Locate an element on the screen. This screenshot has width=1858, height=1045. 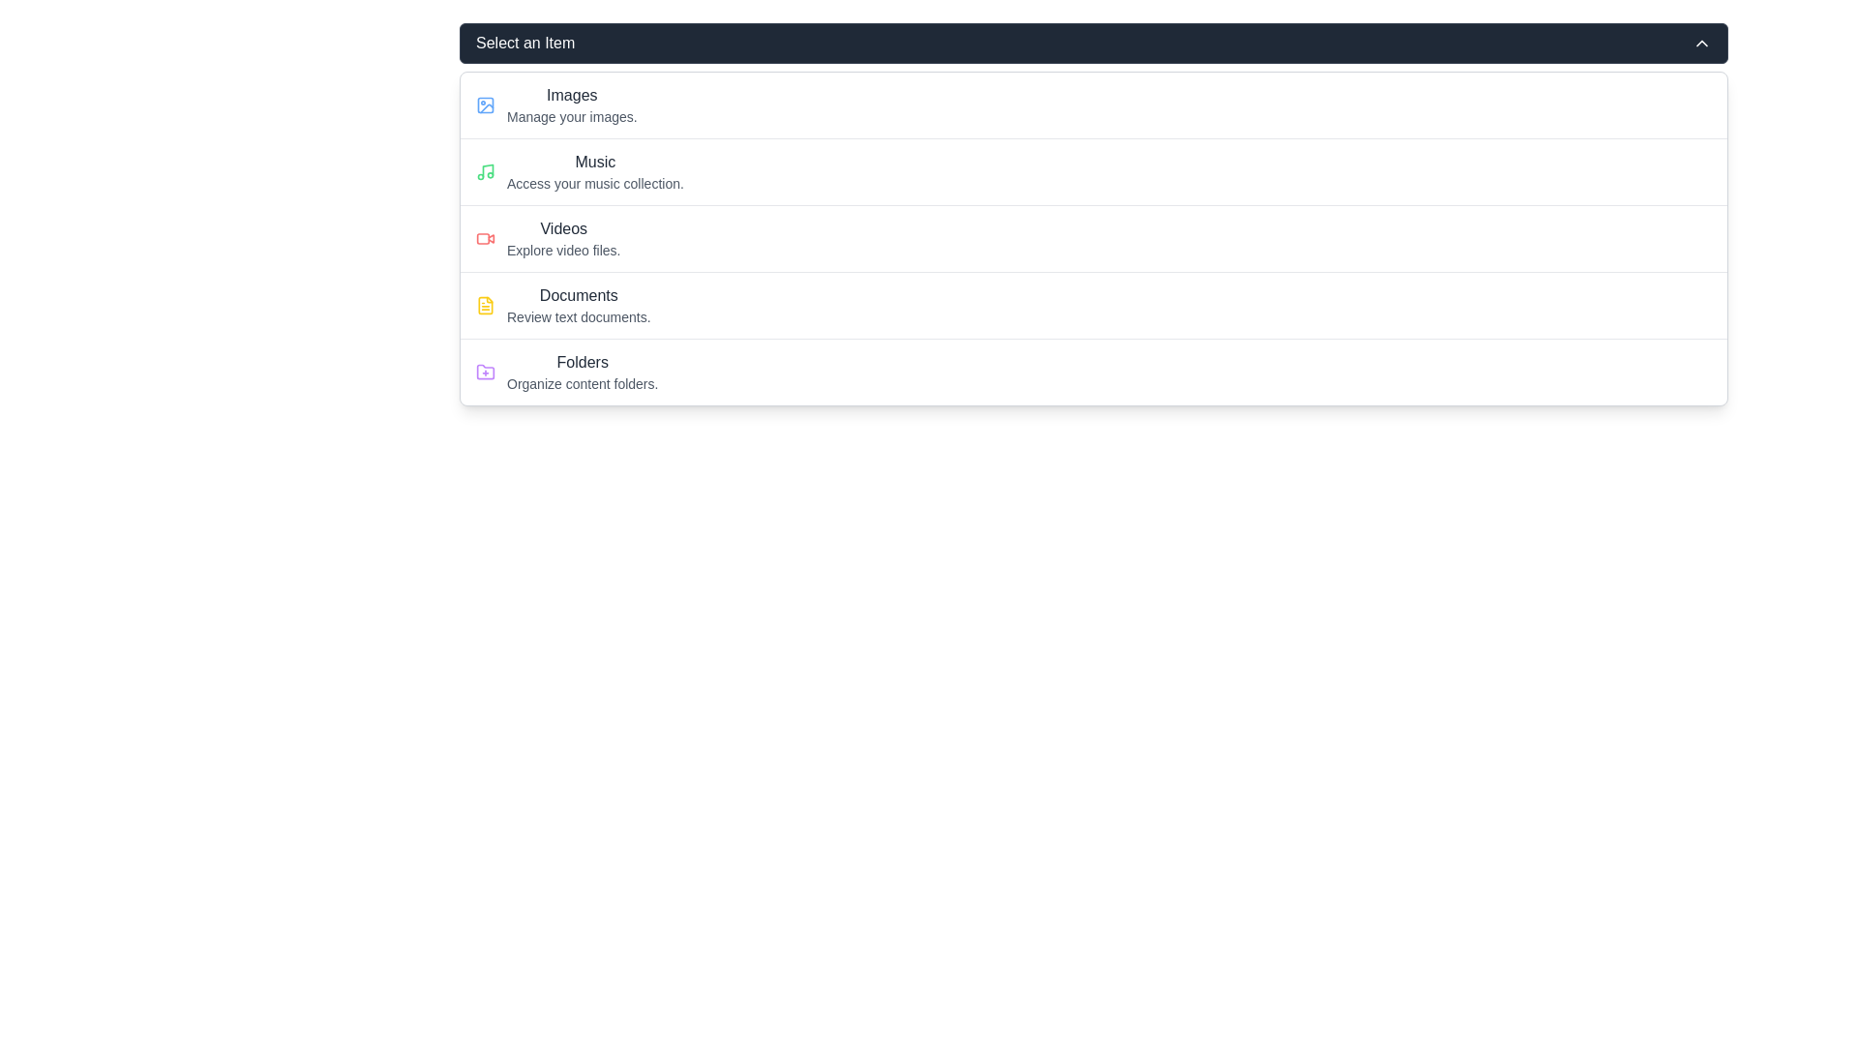
the third list item in a vertically arranged list of selectable options that directs users to the video files section is located at coordinates (562, 237).